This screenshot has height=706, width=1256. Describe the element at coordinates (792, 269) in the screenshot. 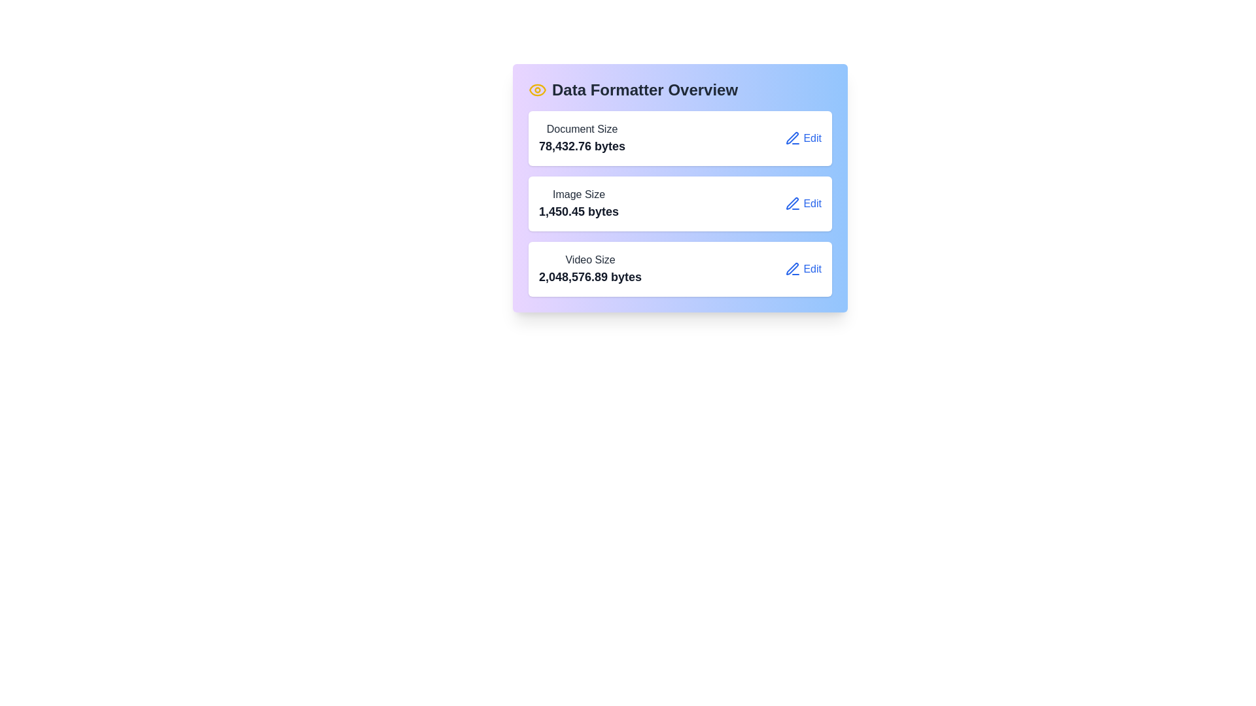

I see `the small blue pen-like icon located before the 'Edit' text within the blue-highlighted 'Edit' option` at that location.